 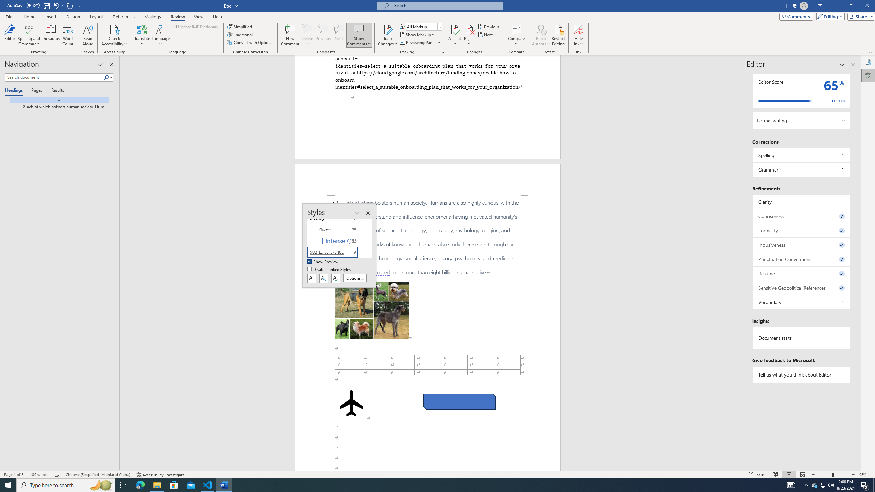 What do you see at coordinates (44, 5) in the screenshot?
I see `'Quick Access Toolbar'` at bounding box center [44, 5].